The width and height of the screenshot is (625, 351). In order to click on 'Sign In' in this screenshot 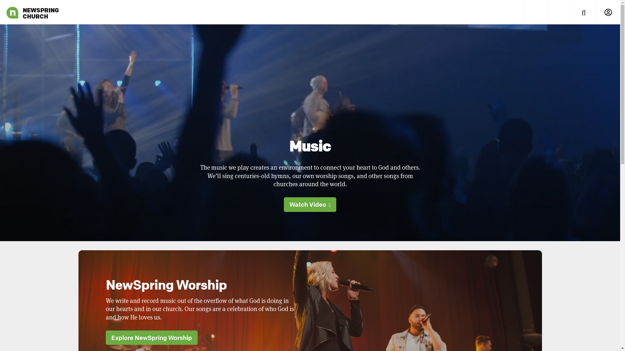, I will do `click(595, 12)`.